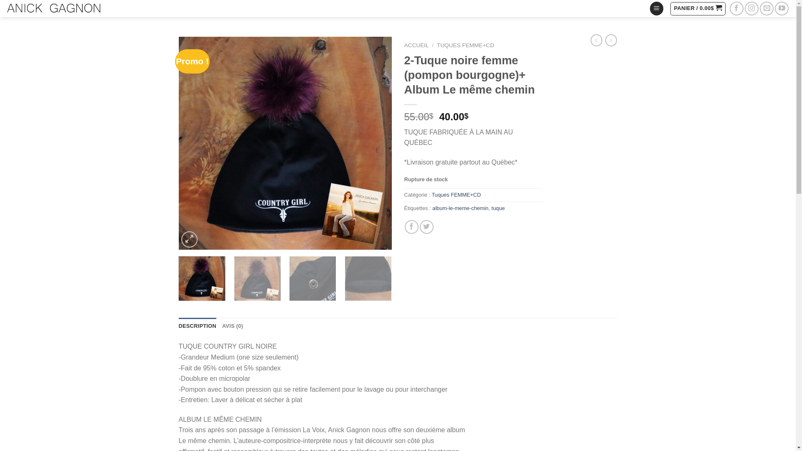 This screenshot has height=451, width=802. Describe the element at coordinates (465, 45) in the screenshot. I see `'TUQUES FEMME+CD'` at that location.